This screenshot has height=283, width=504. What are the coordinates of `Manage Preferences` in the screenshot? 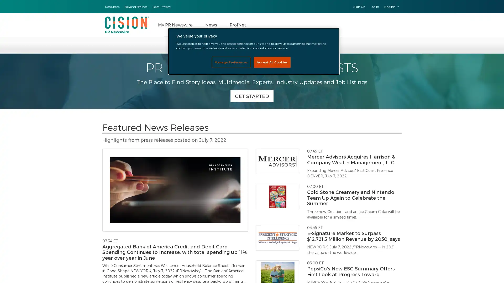 It's located at (231, 62).